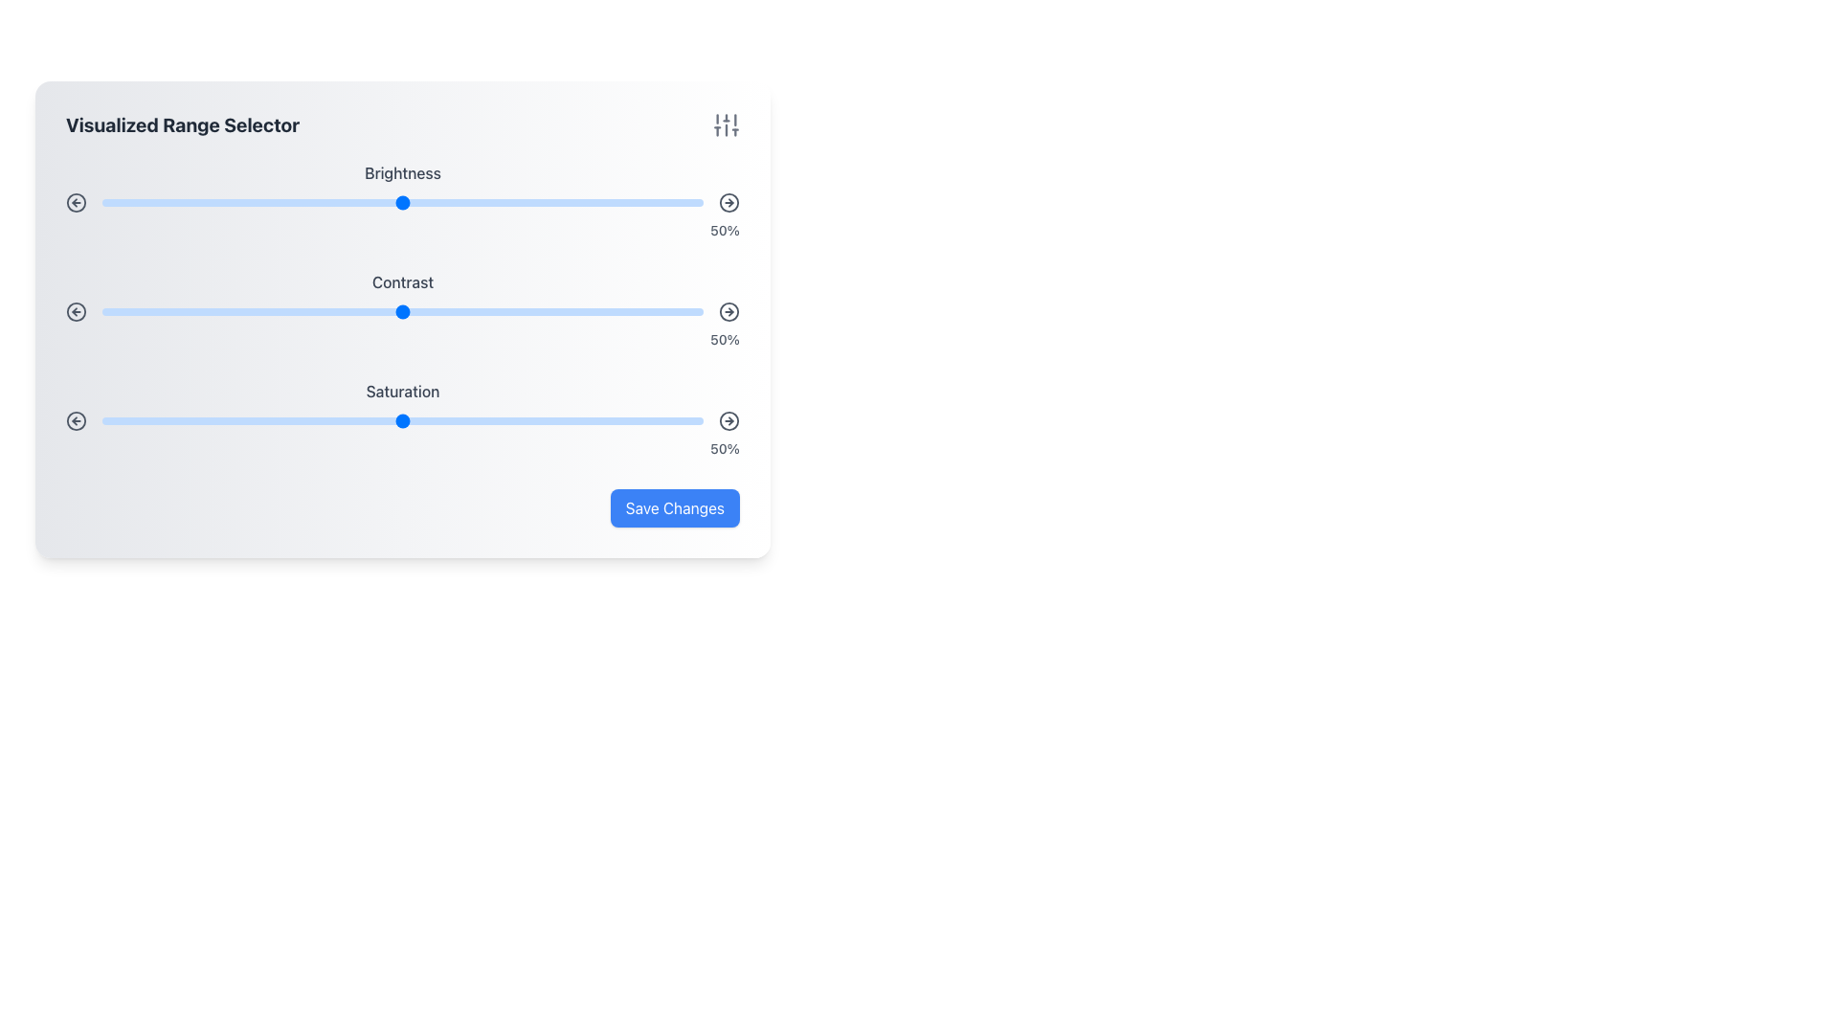  What do you see at coordinates (168, 419) in the screenshot?
I see `the saturation level` at bounding box center [168, 419].